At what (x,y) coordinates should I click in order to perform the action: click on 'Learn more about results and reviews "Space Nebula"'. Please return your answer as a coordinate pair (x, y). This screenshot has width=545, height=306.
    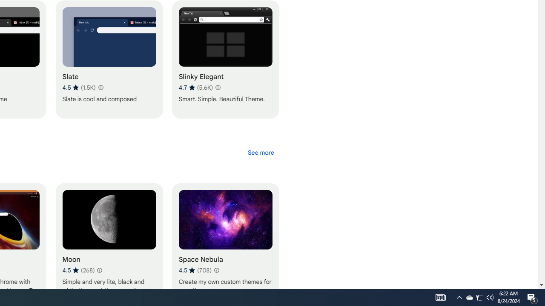
    Looking at the image, I should click on (216, 270).